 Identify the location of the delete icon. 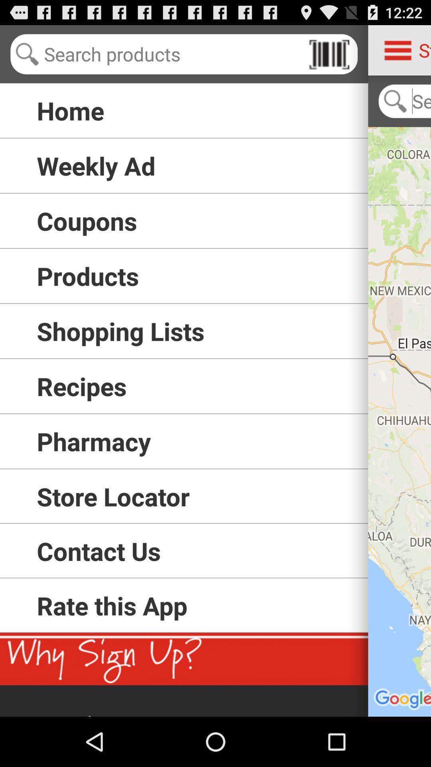
(329, 58).